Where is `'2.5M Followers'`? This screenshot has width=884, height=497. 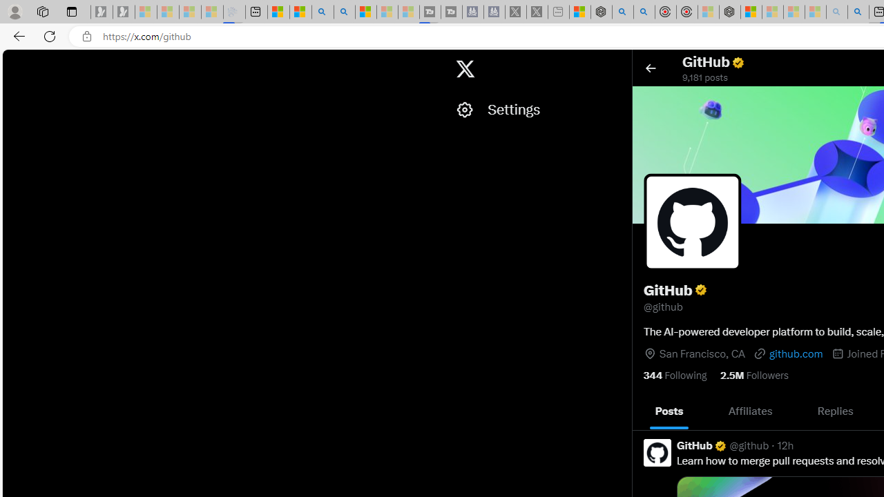 '2.5M Followers' is located at coordinates (754, 375).